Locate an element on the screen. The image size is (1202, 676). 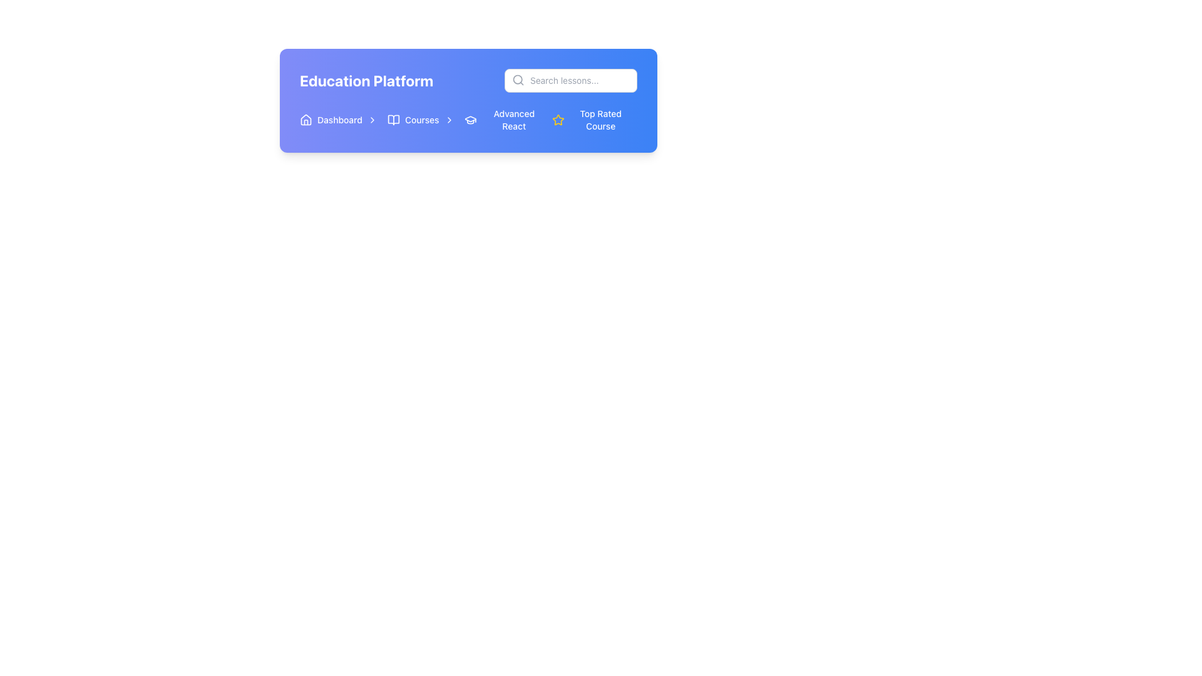
any step of the Breadcrumb navigation component is located at coordinates (468, 120).